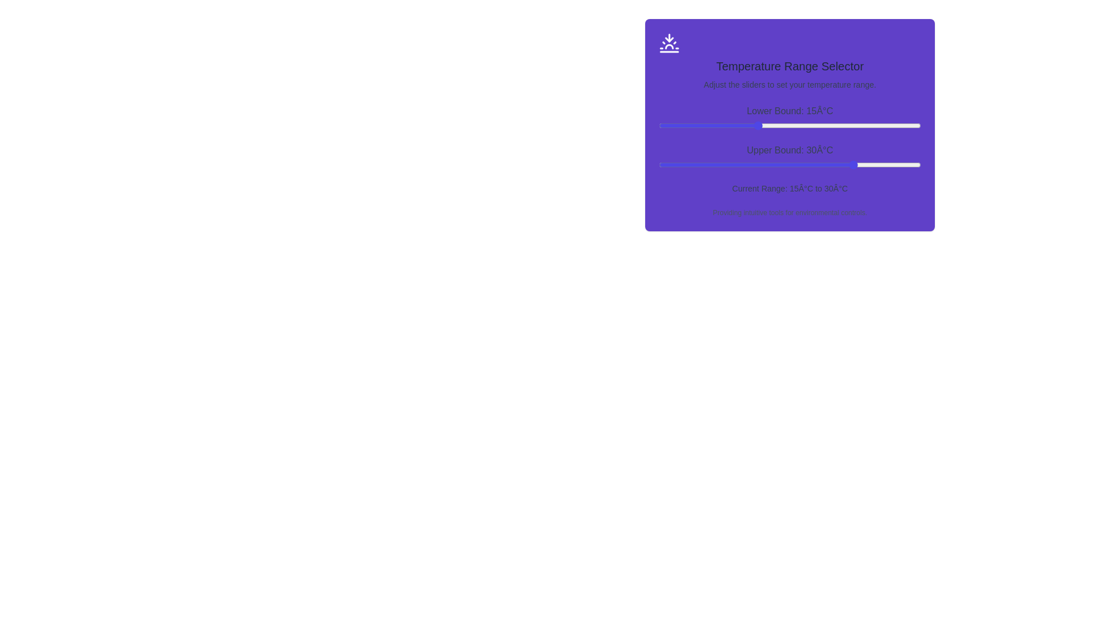  I want to click on the lower bound slider to 18°C, so click(777, 126).